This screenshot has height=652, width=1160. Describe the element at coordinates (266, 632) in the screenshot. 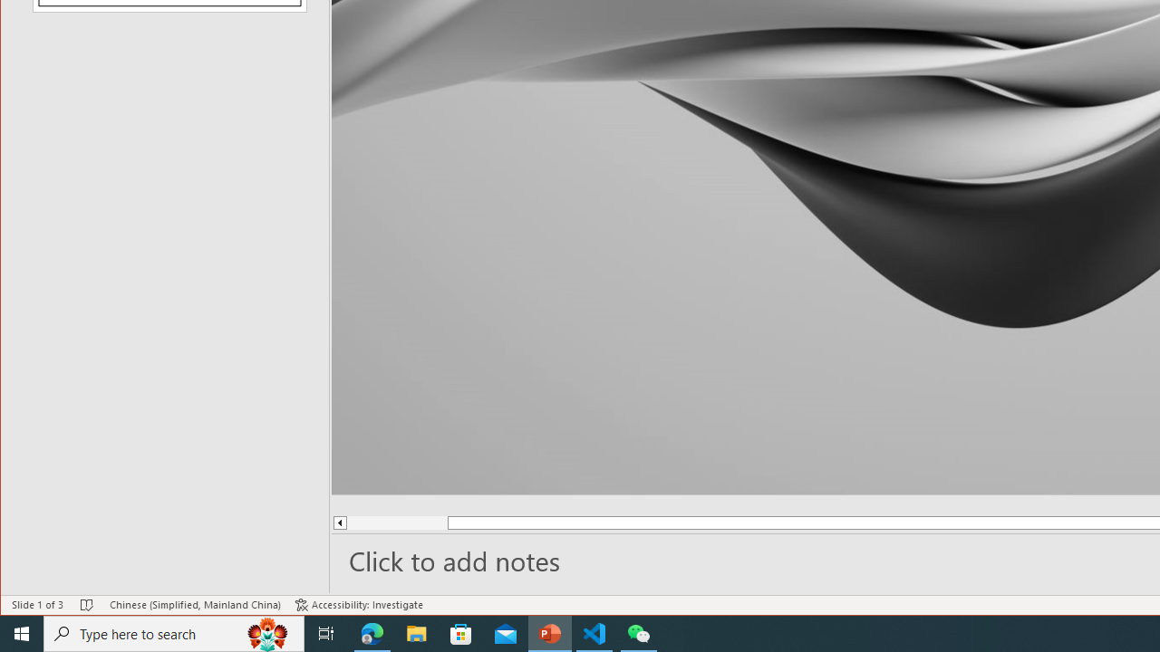

I see `'Search highlights icon opens search home window'` at that location.